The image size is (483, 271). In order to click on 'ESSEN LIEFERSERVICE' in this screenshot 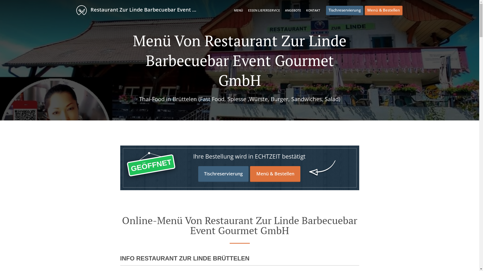, I will do `click(264, 10)`.